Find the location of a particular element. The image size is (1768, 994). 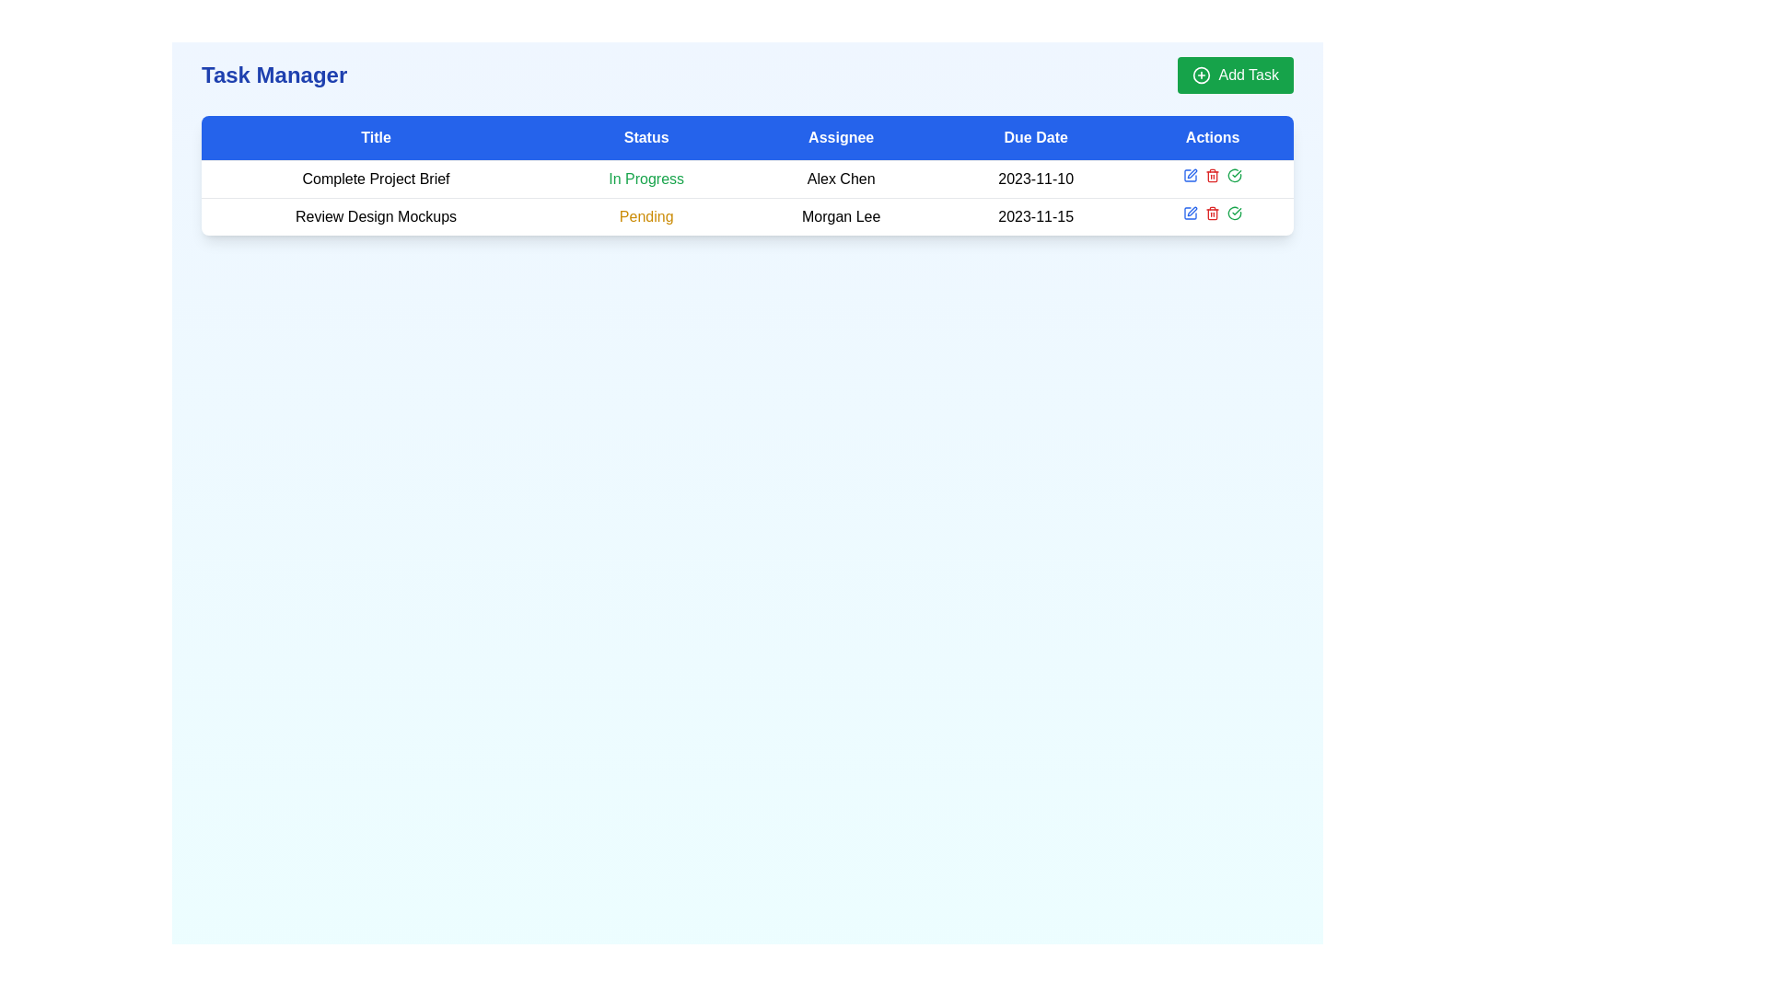

the second row of the task management table, which contains task details is located at coordinates (747, 215).